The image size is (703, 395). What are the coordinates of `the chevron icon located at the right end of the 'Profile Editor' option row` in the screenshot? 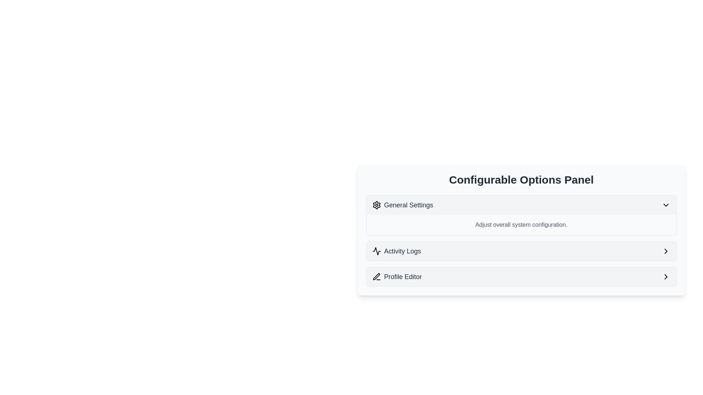 It's located at (666, 276).